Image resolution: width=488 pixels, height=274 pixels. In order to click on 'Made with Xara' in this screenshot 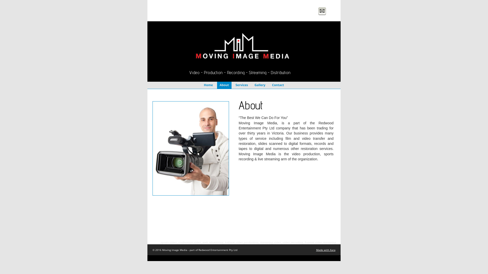, I will do `click(326, 249)`.